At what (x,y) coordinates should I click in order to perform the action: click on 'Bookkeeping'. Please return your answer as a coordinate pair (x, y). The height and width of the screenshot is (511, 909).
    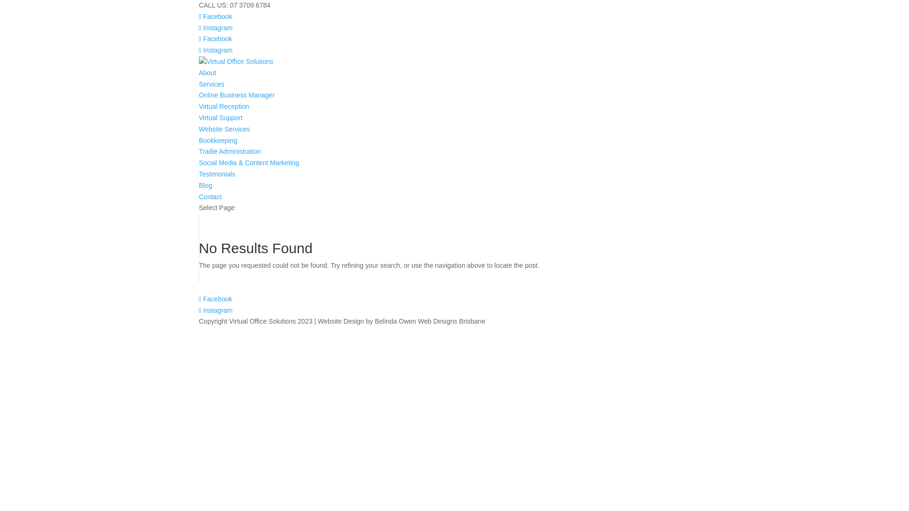
    Looking at the image, I should click on (217, 141).